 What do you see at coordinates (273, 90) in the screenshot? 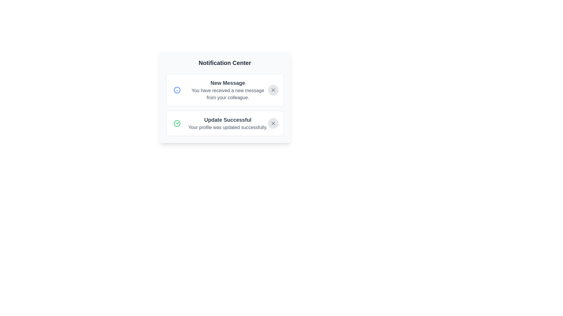
I see `the dismiss button for the notification titled 'New Message'` at bounding box center [273, 90].